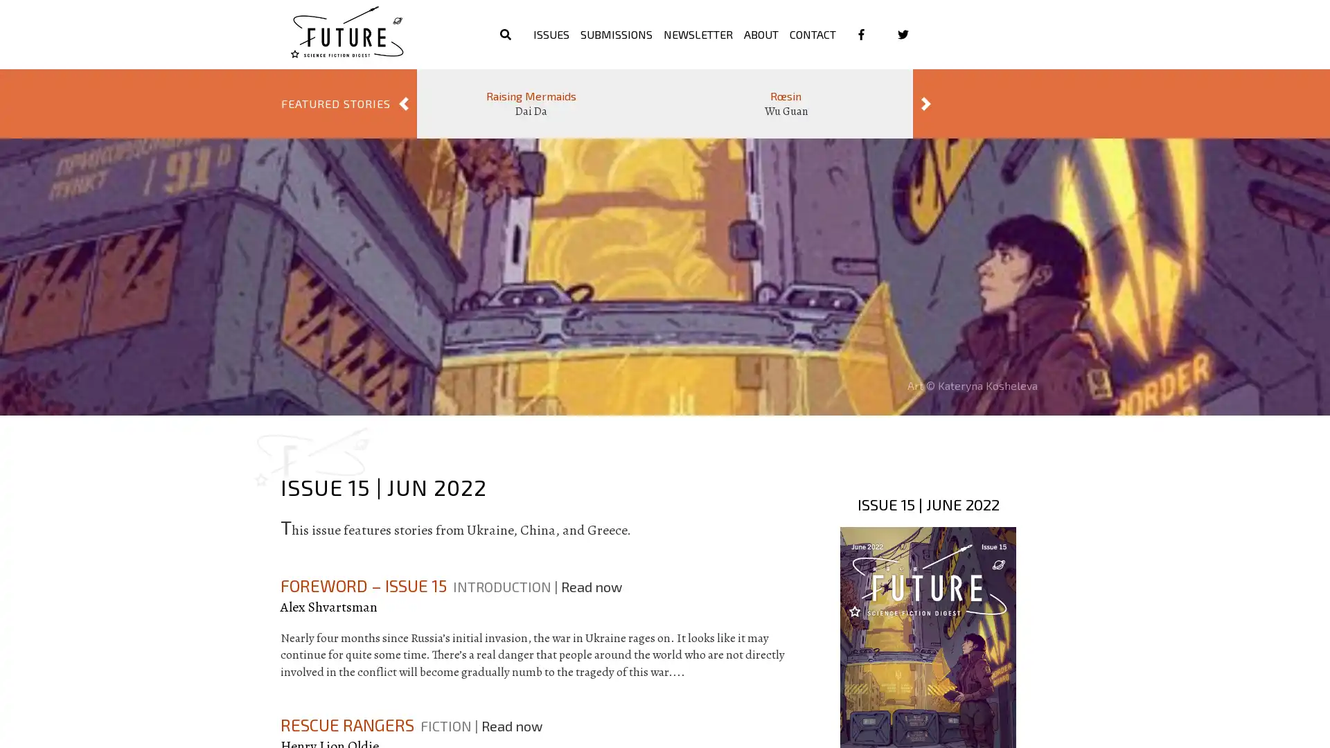 This screenshot has width=1330, height=748. I want to click on Next, so click(926, 103).